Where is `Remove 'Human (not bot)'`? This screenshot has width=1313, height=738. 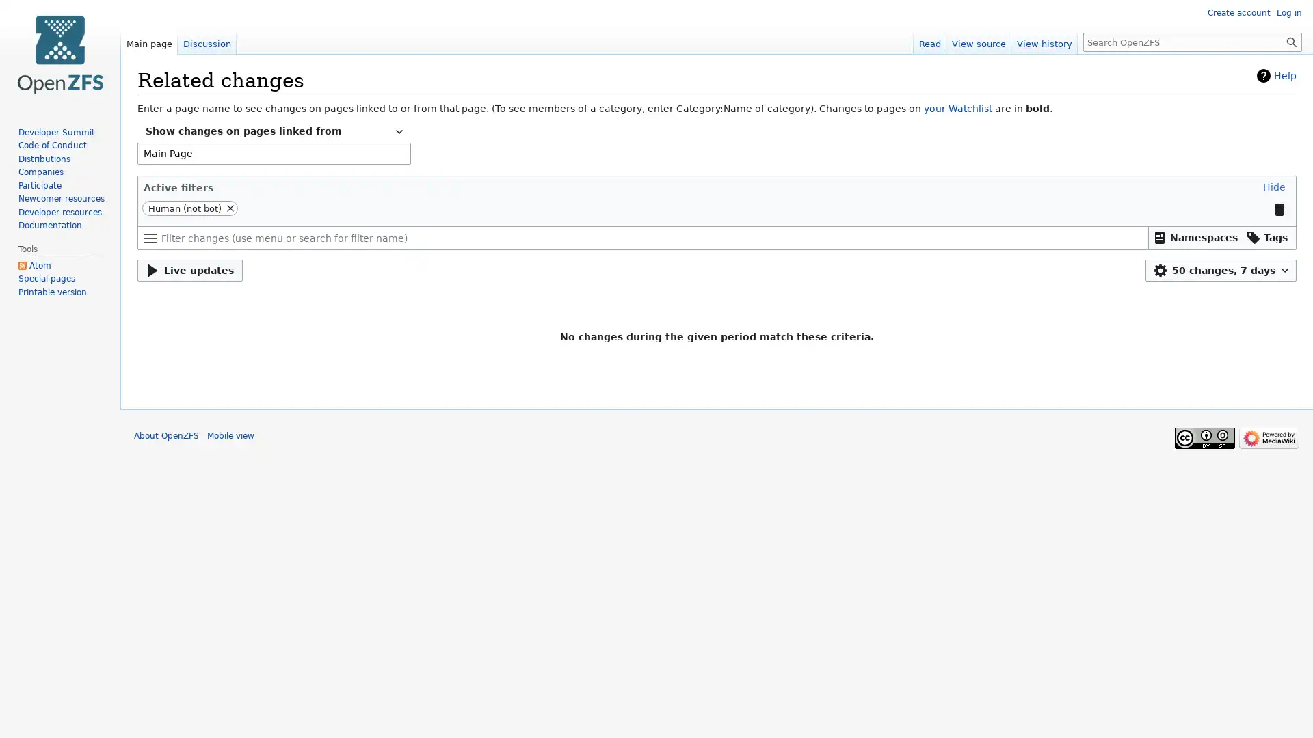 Remove 'Human (not bot)' is located at coordinates (230, 208).